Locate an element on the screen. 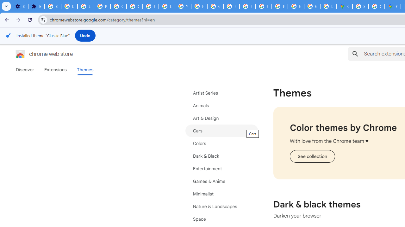  'Delete photos & videos - Computer - Google Photos Help' is located at coordinates (69, 6).